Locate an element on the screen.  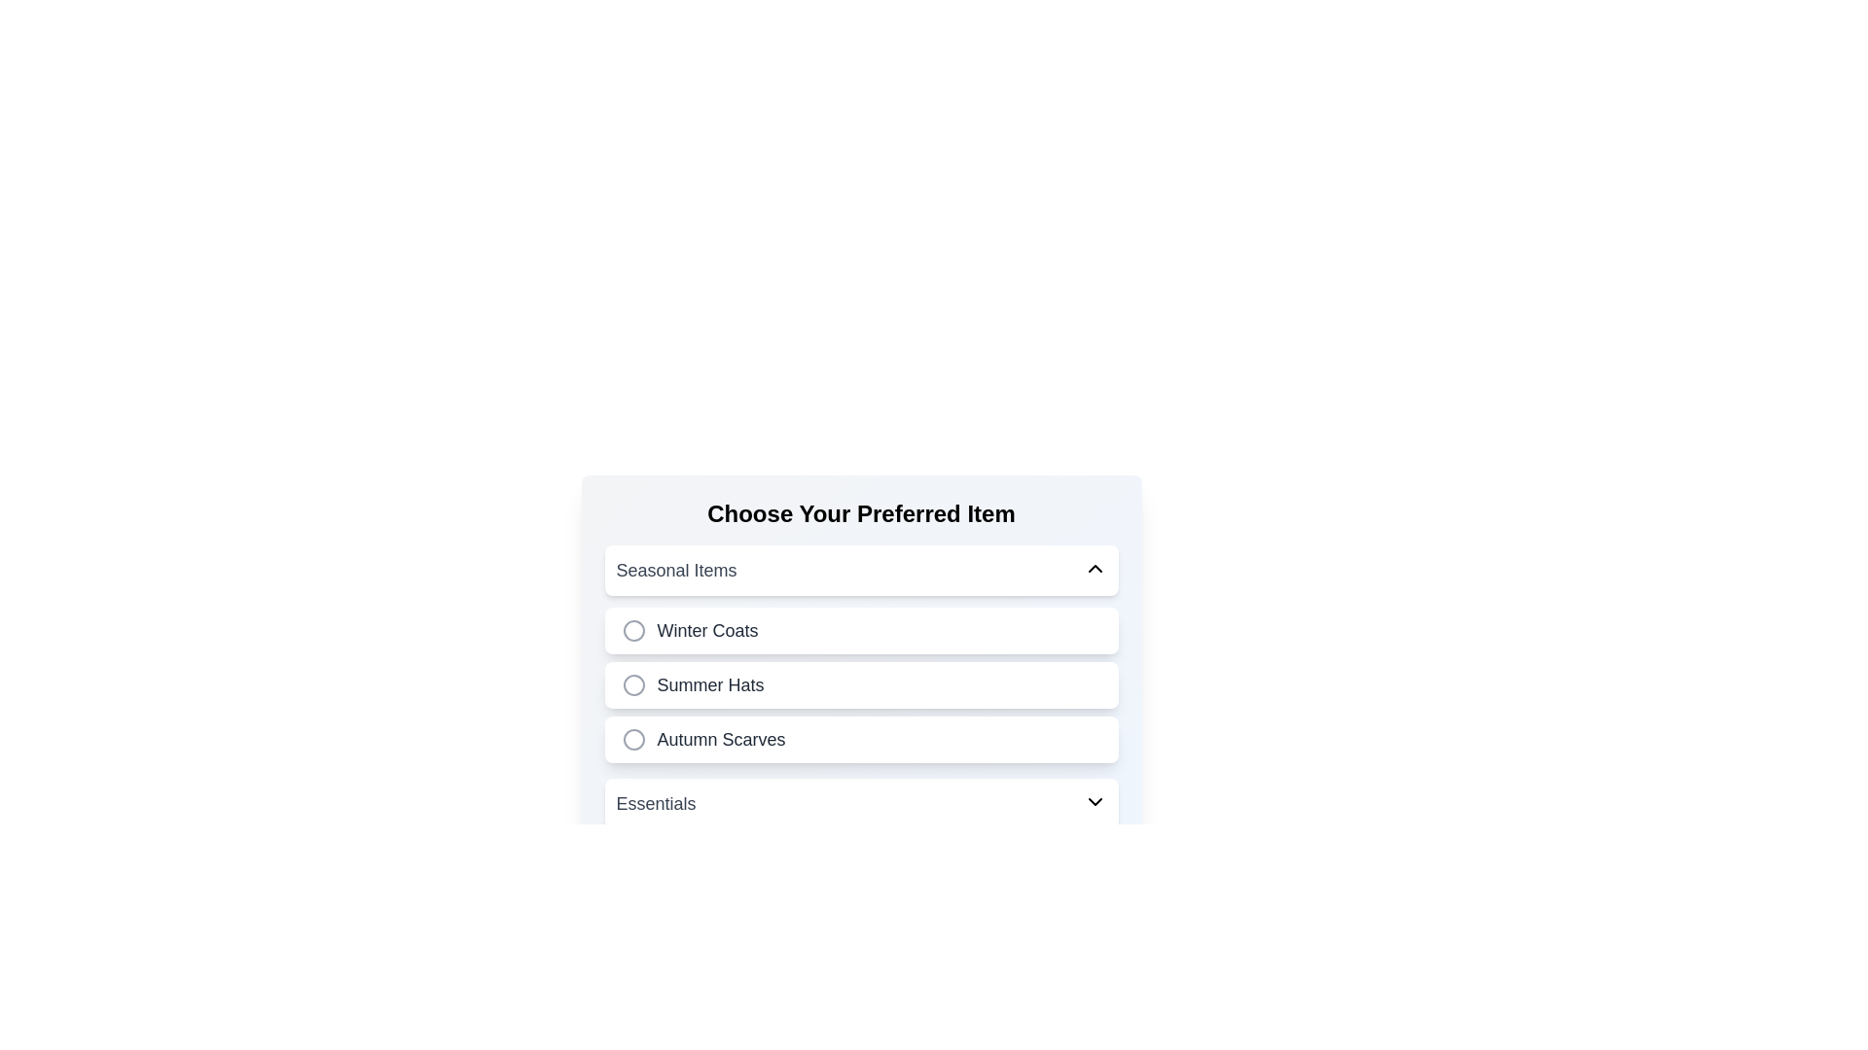
on the radio button labeled 'Summer Hats' within the 'Seasonal Items' section is located at coordinates (860, 684).